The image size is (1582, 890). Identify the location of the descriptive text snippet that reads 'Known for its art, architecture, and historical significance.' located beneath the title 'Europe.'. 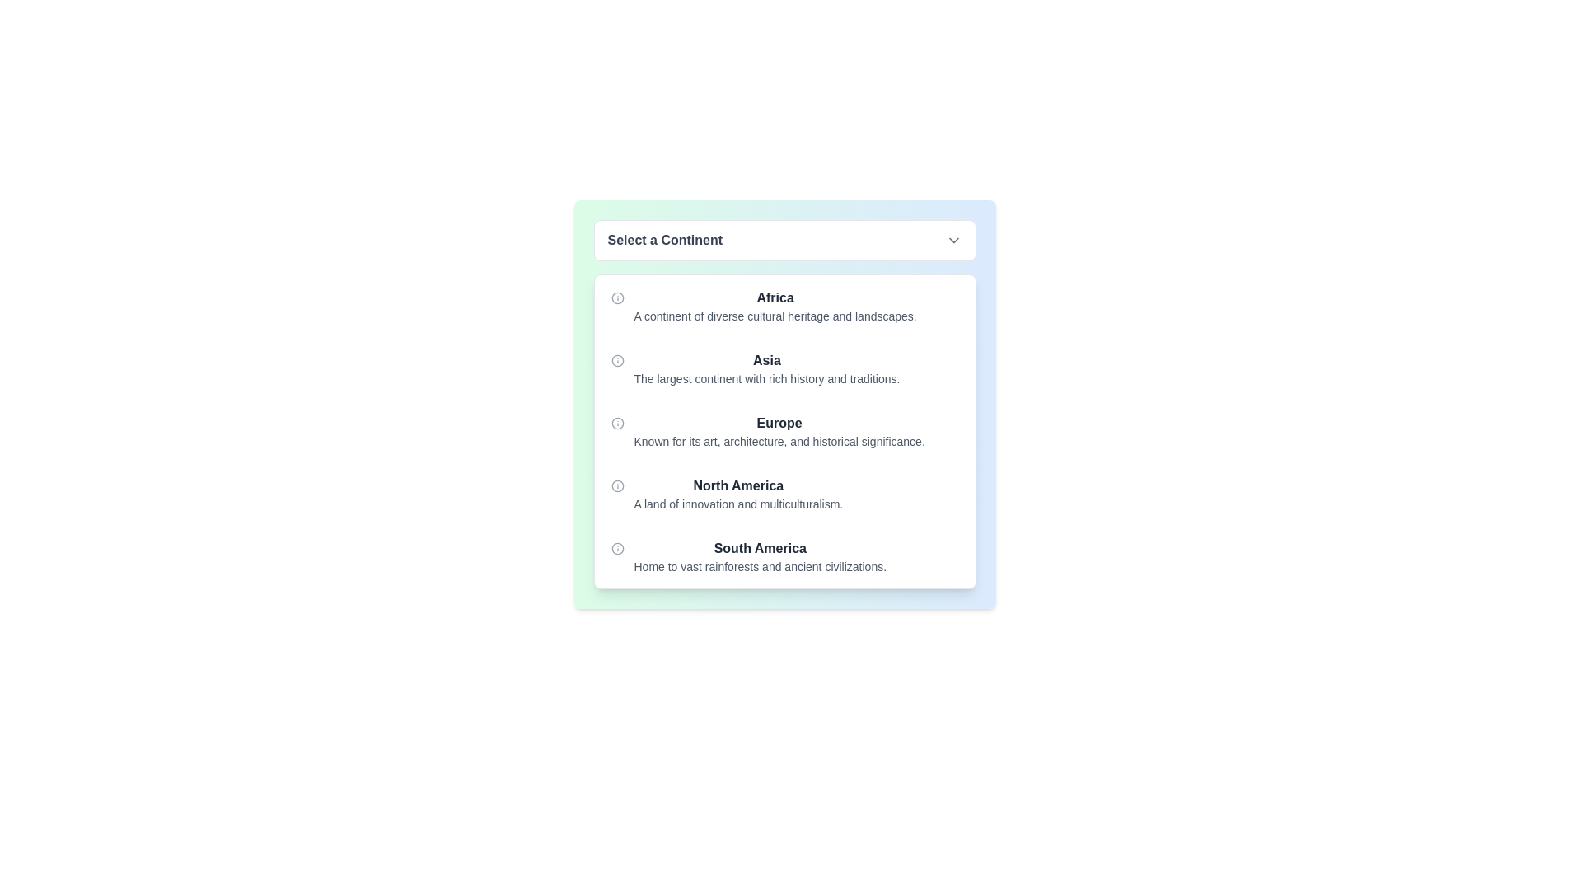
(779, 441).